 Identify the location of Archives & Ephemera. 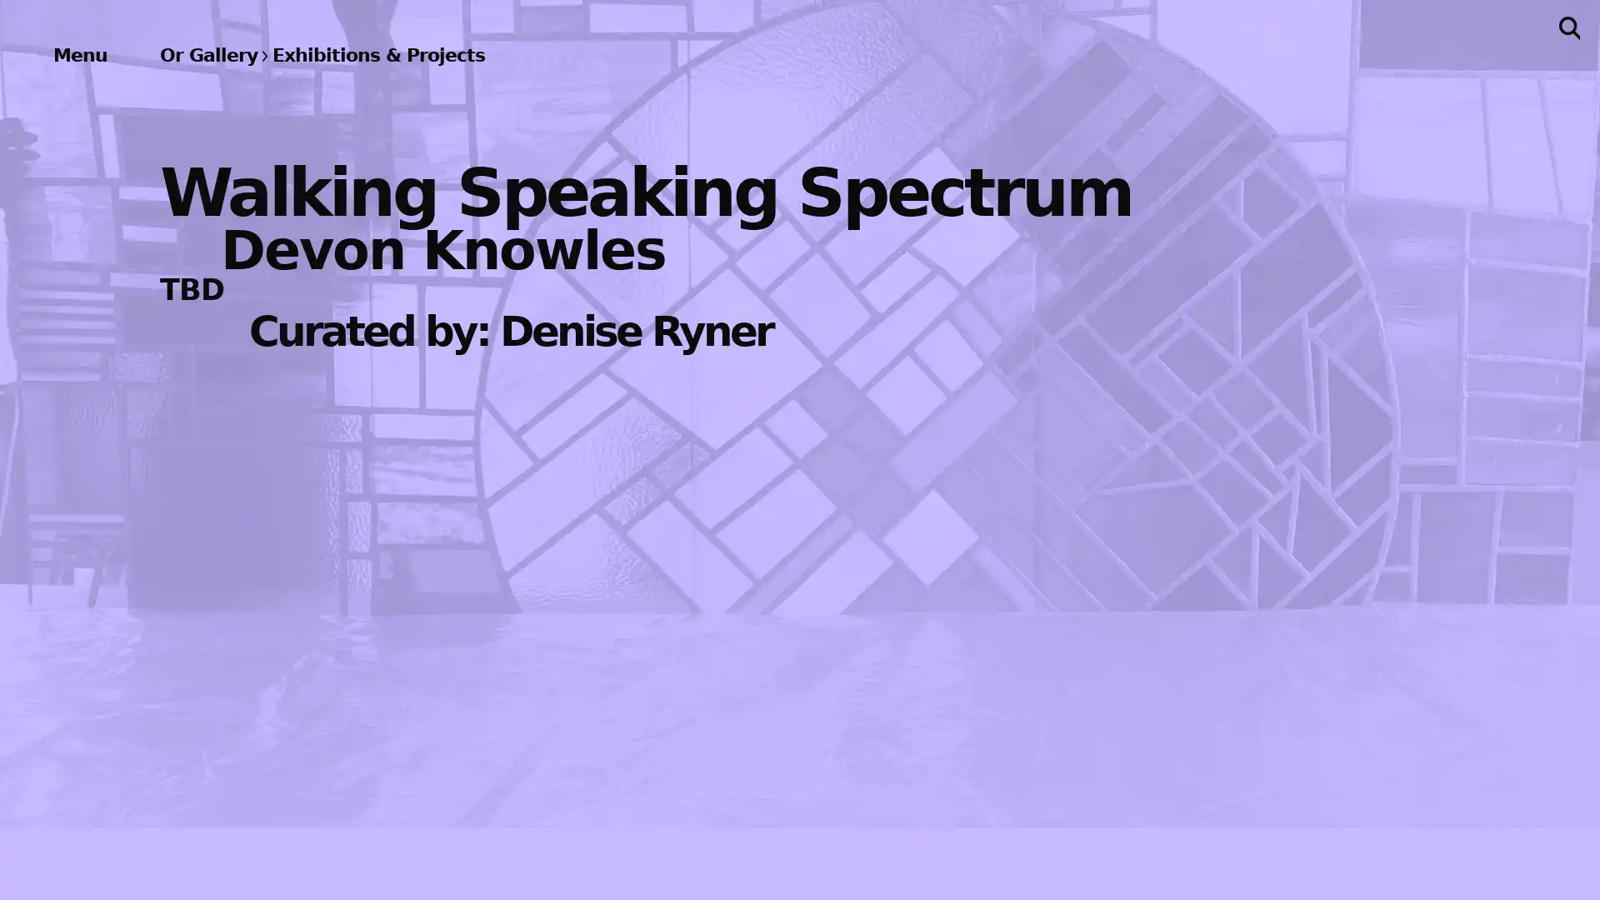
(362, 567).